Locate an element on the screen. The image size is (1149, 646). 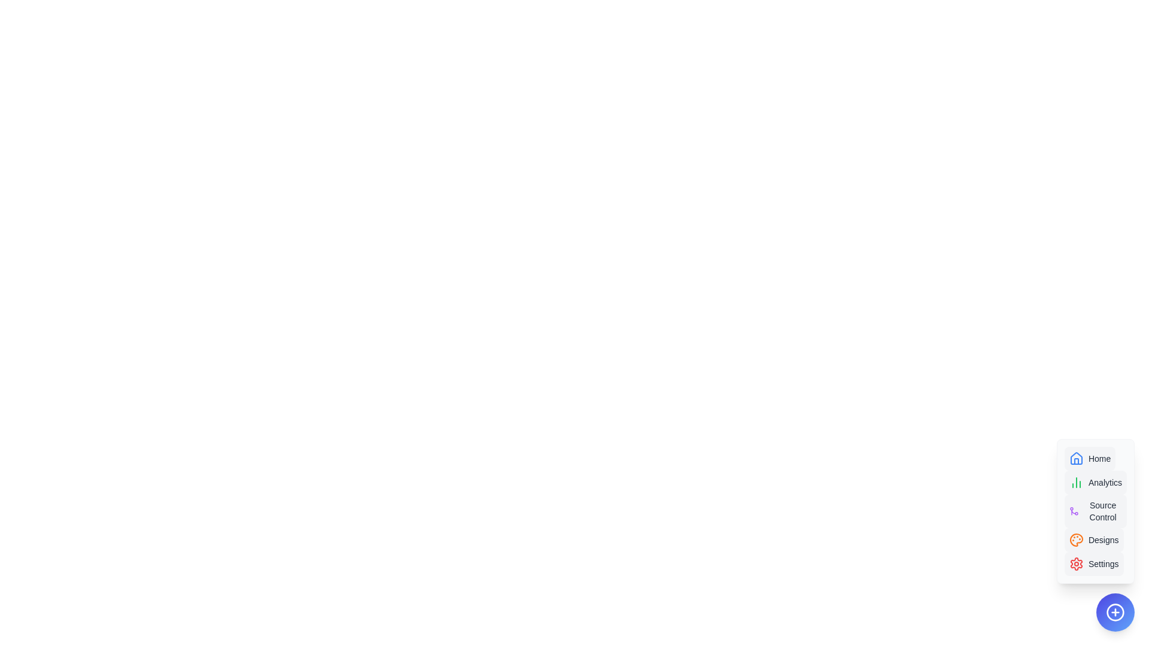
floating action button to toggle the visibility of the options panel is located at coordinates (1114, 612).